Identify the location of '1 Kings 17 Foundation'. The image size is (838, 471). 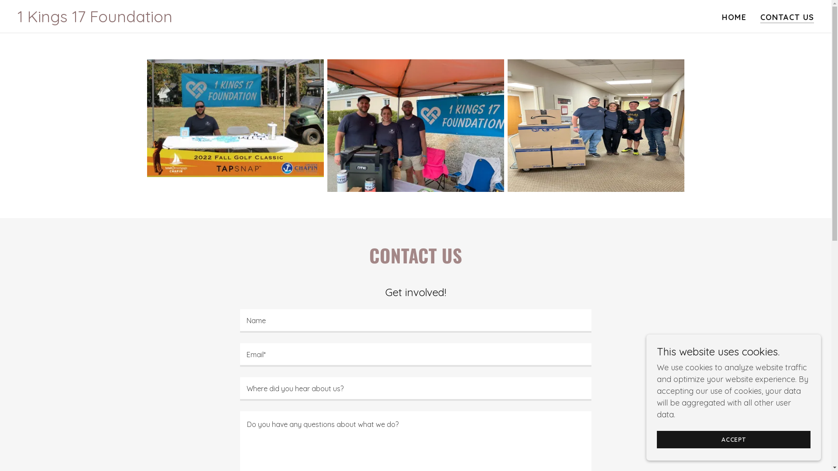
(95, 19).